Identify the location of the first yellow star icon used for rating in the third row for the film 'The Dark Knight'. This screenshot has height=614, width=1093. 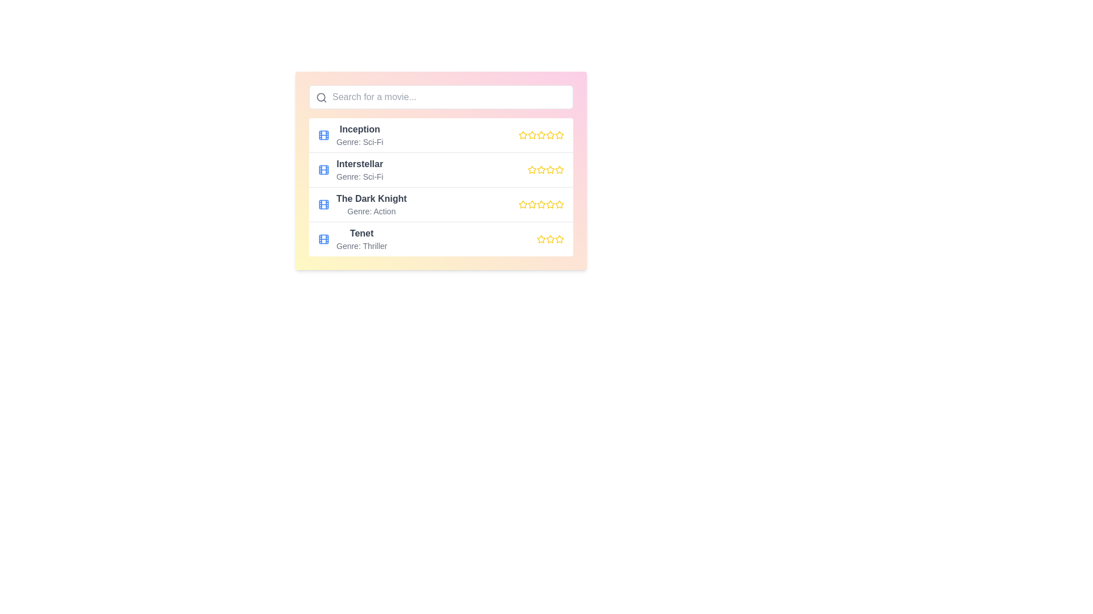
(522, 204).